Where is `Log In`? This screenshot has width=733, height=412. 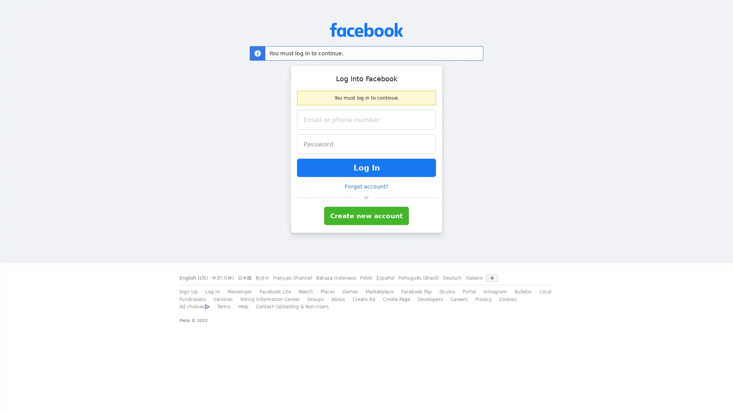 Log In is located at coordinates (366, 167).